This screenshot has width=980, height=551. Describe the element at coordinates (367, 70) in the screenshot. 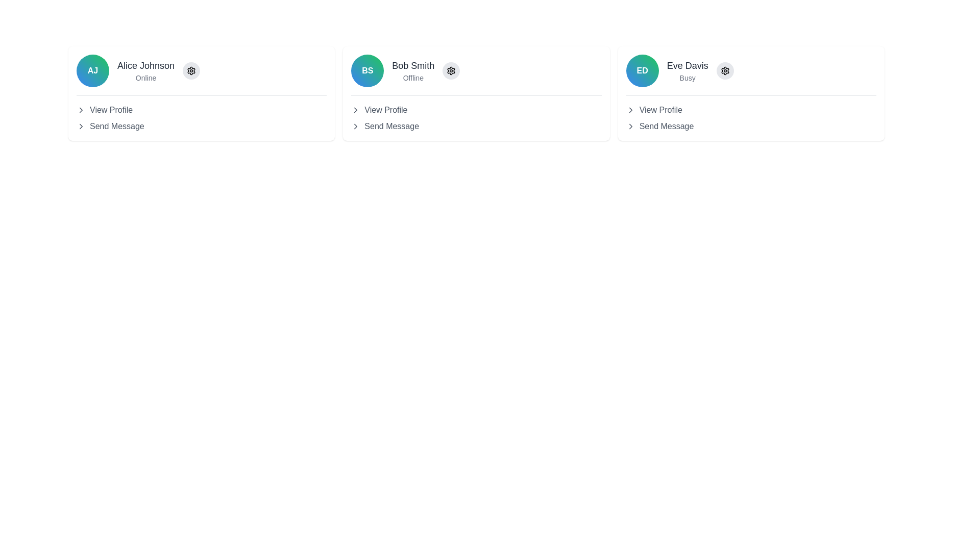

I see `the badge element representing the profile picture of 'Bob Smith', located in the profile section on the leftmost side` at that location.